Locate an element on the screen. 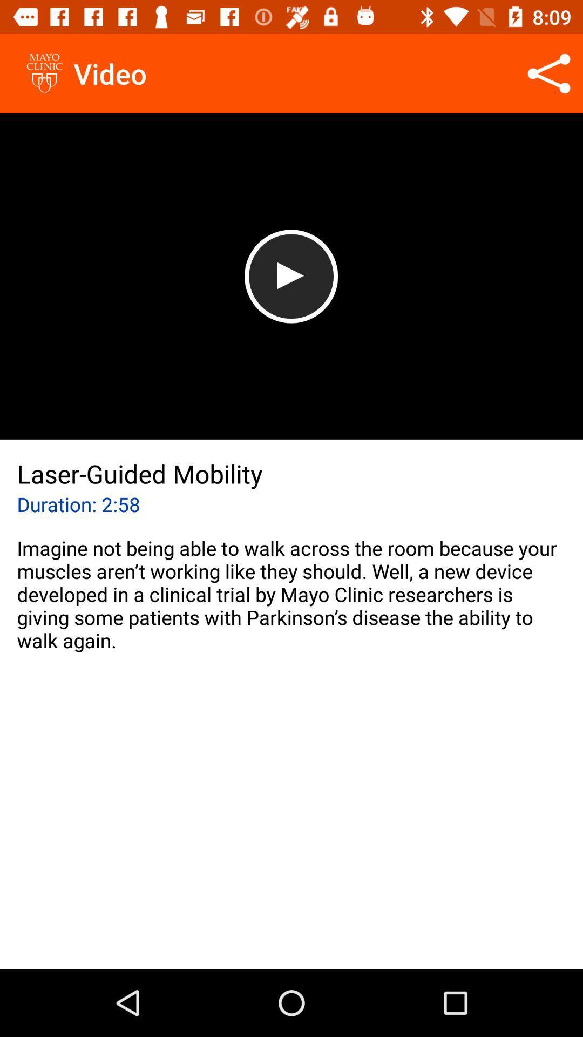 This screenshot has height=1037, width=583. the icon to the right of video item is located at coordinates (549, 73).